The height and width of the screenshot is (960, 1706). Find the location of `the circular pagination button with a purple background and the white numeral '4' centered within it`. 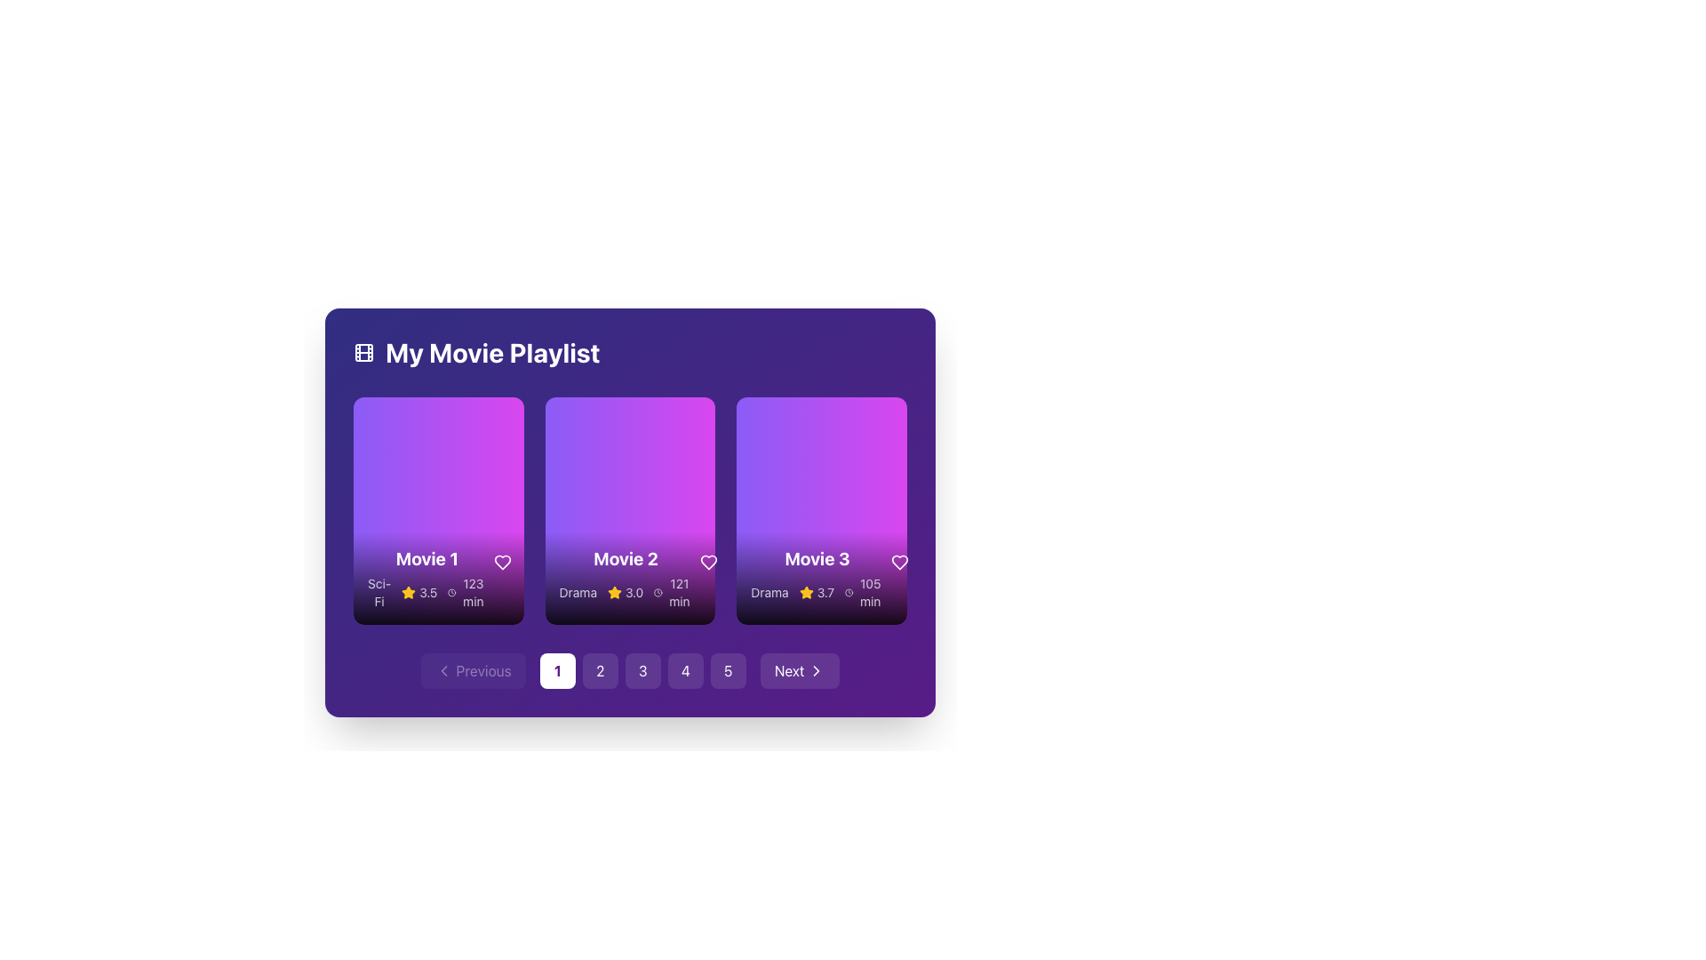

the circular pagination button with a purple background and the white numeral '4' centered within it is located at coordinates (684, 671).